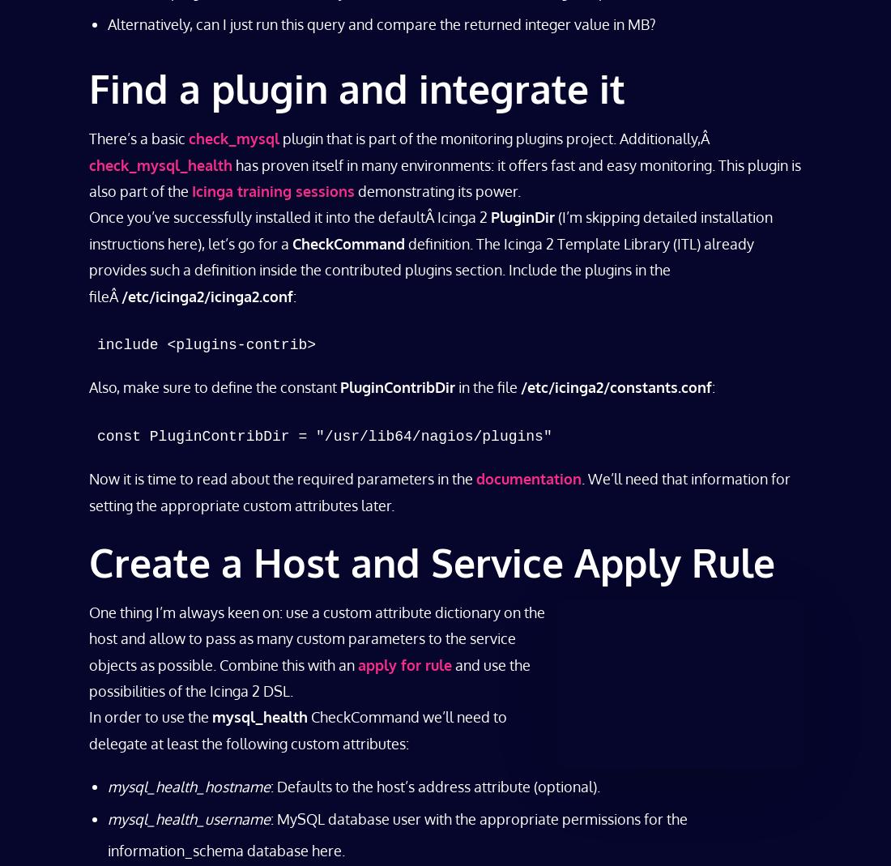 The image size is (891, 866). I want to click on 'Also, make sure to define the constant', so click(89, 386).